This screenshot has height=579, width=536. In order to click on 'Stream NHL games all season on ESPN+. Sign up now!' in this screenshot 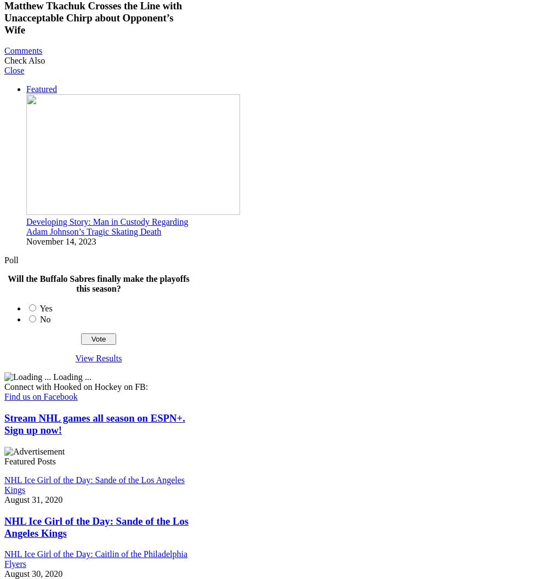, I will do `click(94, 423)`.